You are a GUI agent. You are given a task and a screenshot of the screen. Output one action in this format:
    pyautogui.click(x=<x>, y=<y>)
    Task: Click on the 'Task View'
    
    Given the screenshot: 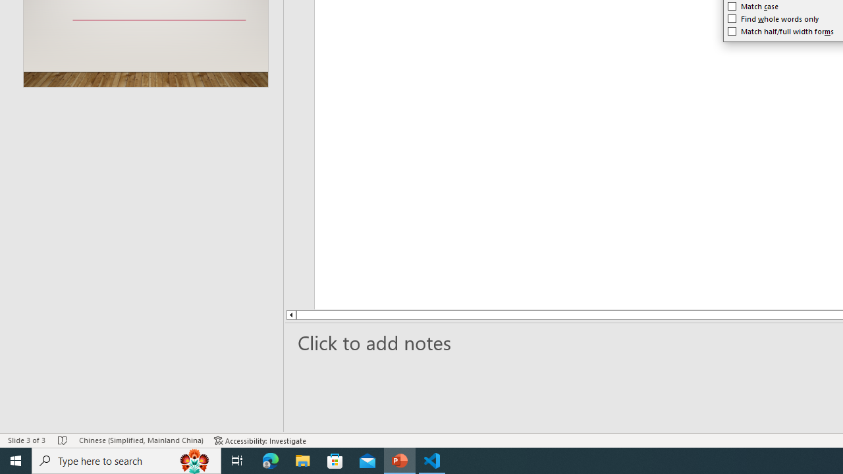 What is the action you would take?
    pyautogui.click(x=236, y=460)
    